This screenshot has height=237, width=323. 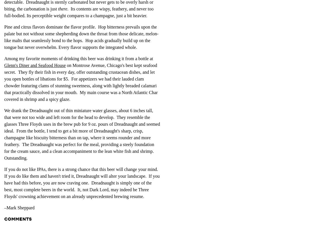 I want to click on '–Mark Sheppard', so click(x=19, y=207).